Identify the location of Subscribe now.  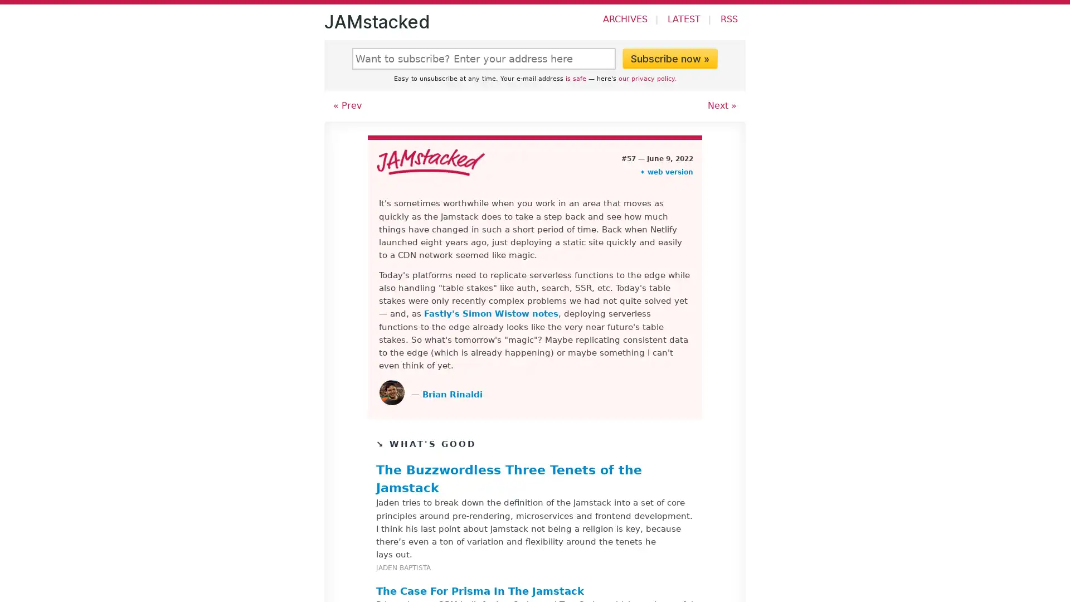
(669, 59).